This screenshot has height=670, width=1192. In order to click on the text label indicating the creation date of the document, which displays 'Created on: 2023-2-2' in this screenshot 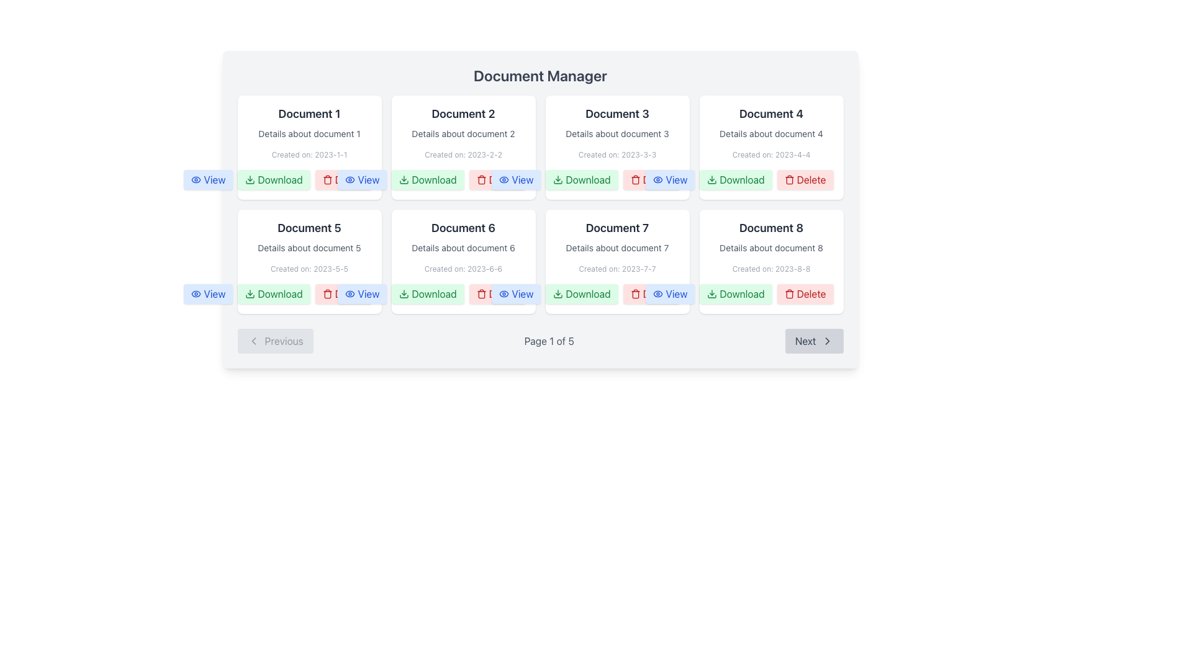, I will do `click(463, 154)`.